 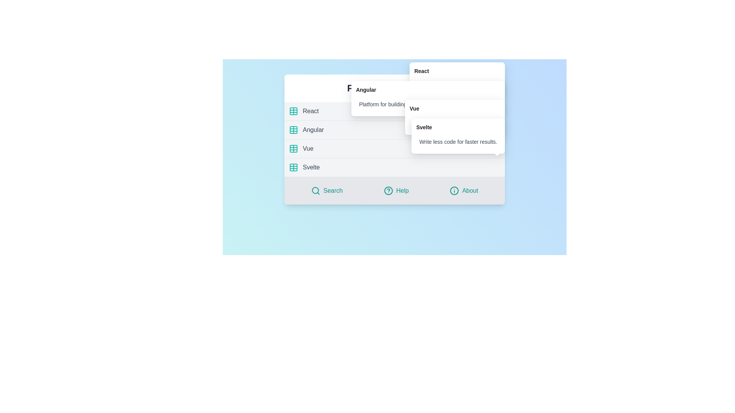 I want to click on the teal square-like icon with rounded corners that resembles a table or grid structure, located to the left of the text 'React' in the first row of a vertical list, so click(x=293, y=111).